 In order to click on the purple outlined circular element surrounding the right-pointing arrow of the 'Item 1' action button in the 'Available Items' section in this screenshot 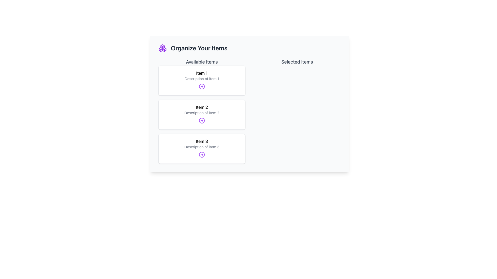, I will do `click(201, 86)`.